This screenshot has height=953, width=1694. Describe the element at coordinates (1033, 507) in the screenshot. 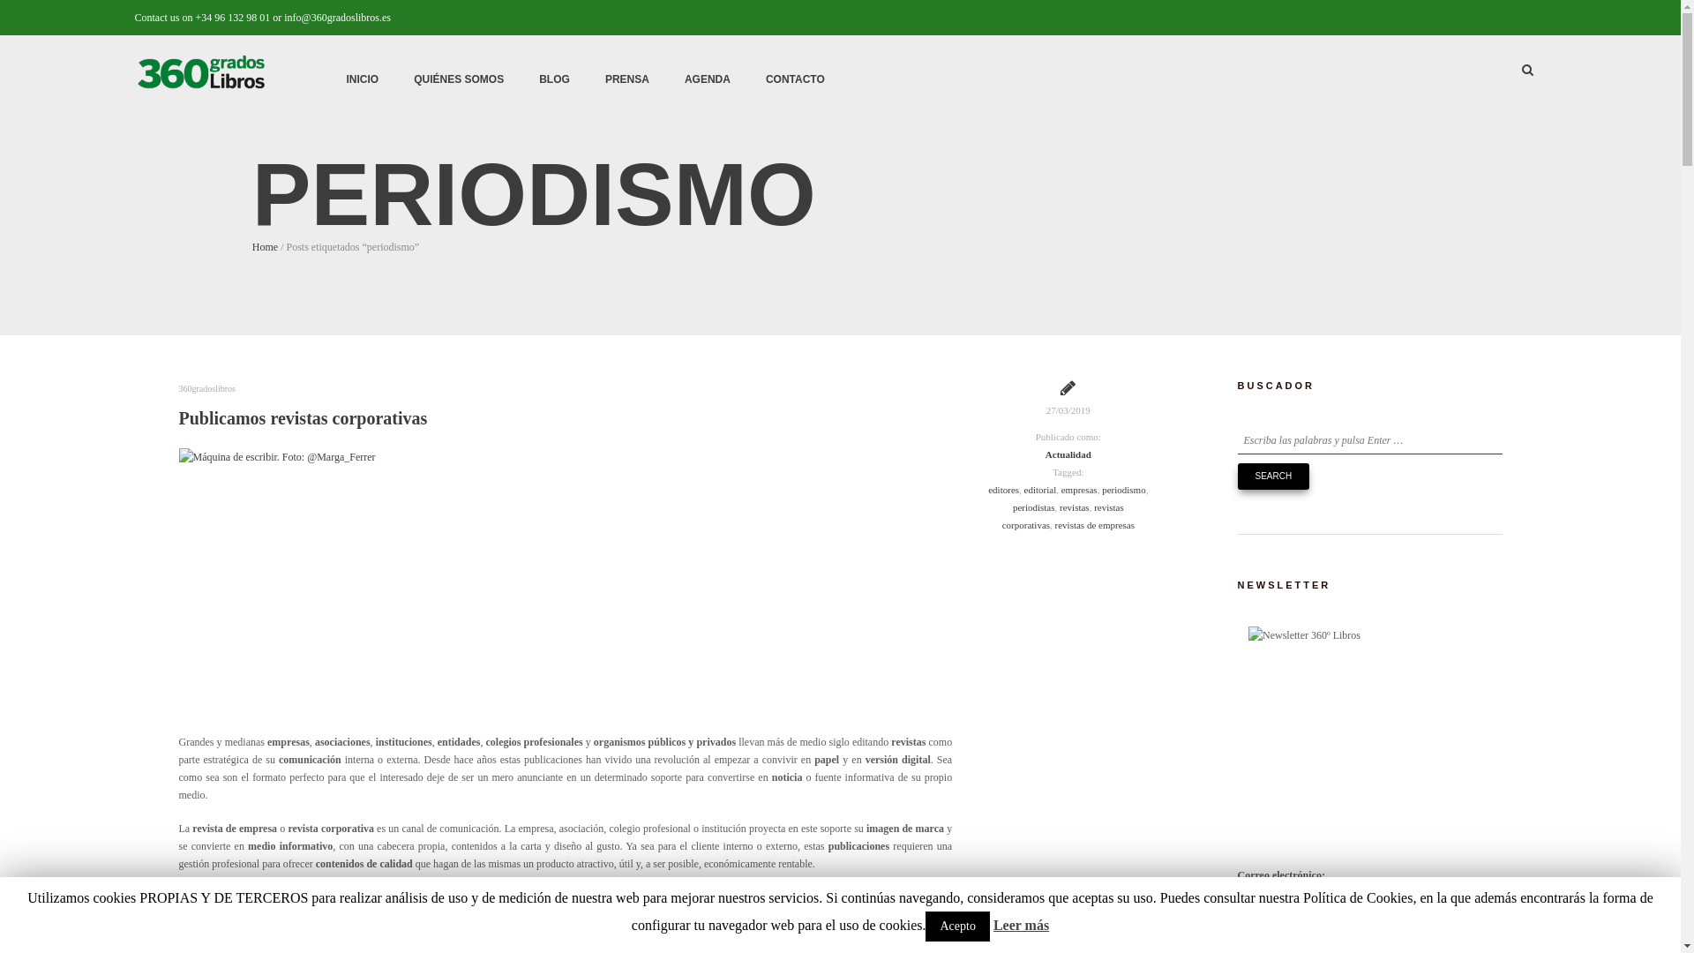

I see `'periodistas'` at that location.